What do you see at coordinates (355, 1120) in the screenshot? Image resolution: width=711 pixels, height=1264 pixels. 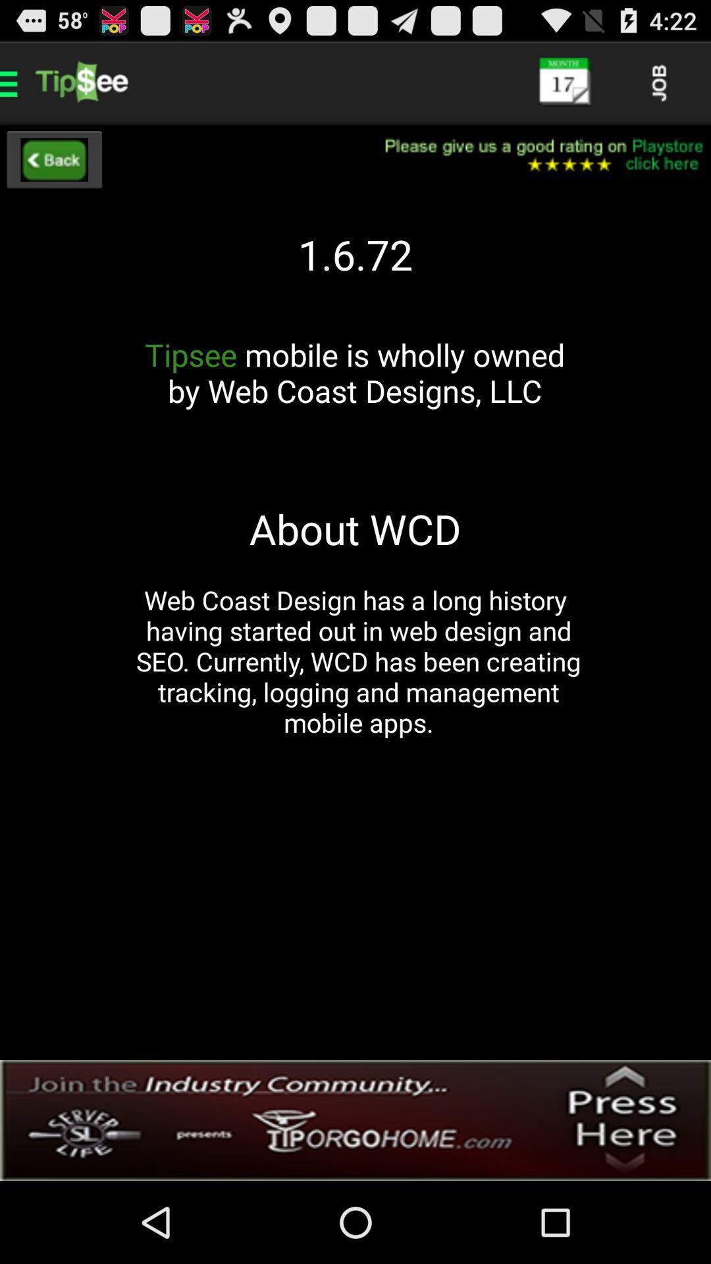 I see `icon below the web coast design icon` at bounding box center [355, 1120].